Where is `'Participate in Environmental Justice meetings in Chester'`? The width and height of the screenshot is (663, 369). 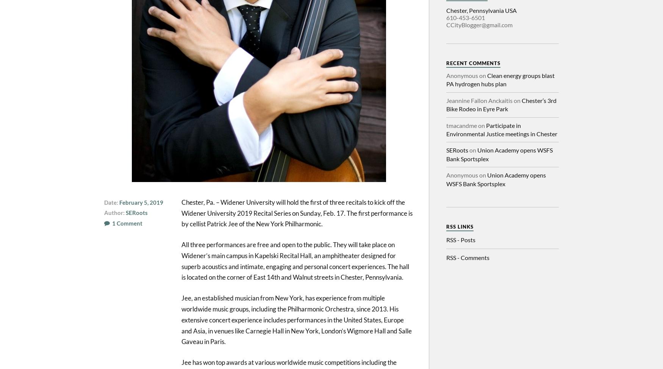 'Participate in Environmental Justice meetings in Chester' is located at coordinates (502, 129).